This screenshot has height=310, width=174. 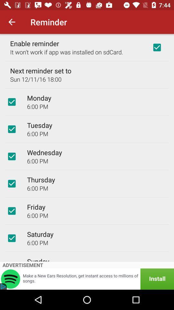 What do you see at coordinates (157, 47) in the screenshot?
I see `icon to the right of the enable reminder` at bounding box center [157, 47].